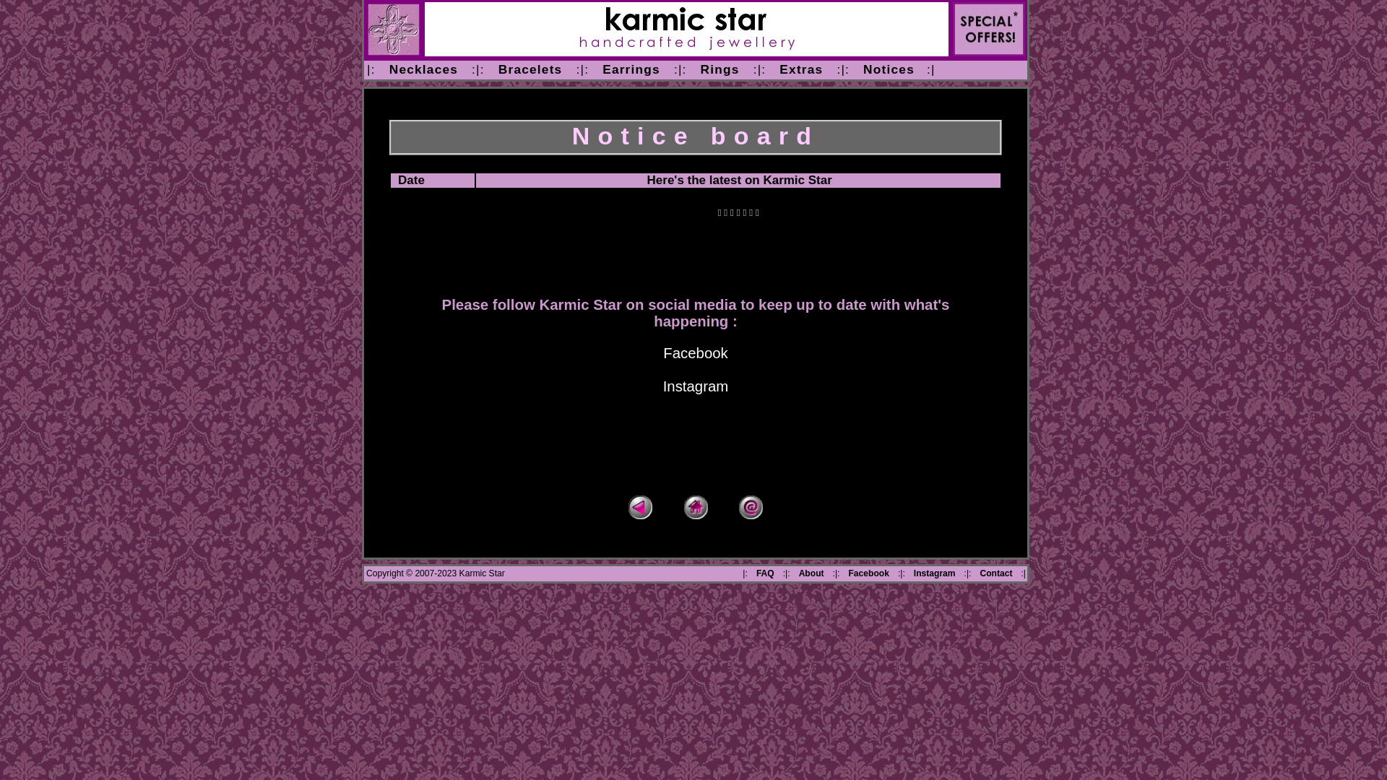 The image size is (1387, 780). Describe the element at coordinates (498, 69) in the screenshot. I see `'Bracelets'` at that location.